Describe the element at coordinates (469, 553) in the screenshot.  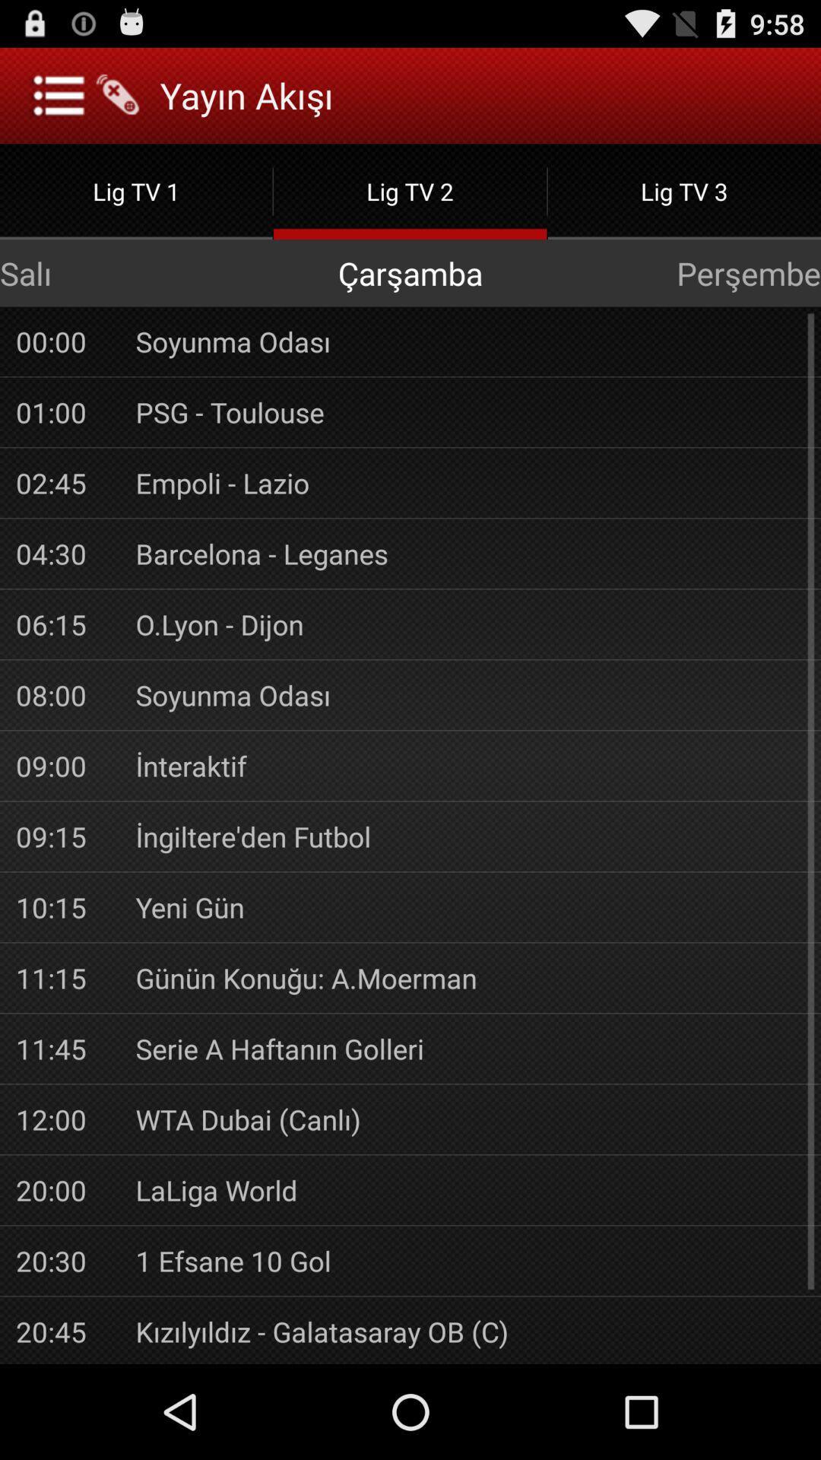
I see `the item above o.lyon - dijon item` at that location.